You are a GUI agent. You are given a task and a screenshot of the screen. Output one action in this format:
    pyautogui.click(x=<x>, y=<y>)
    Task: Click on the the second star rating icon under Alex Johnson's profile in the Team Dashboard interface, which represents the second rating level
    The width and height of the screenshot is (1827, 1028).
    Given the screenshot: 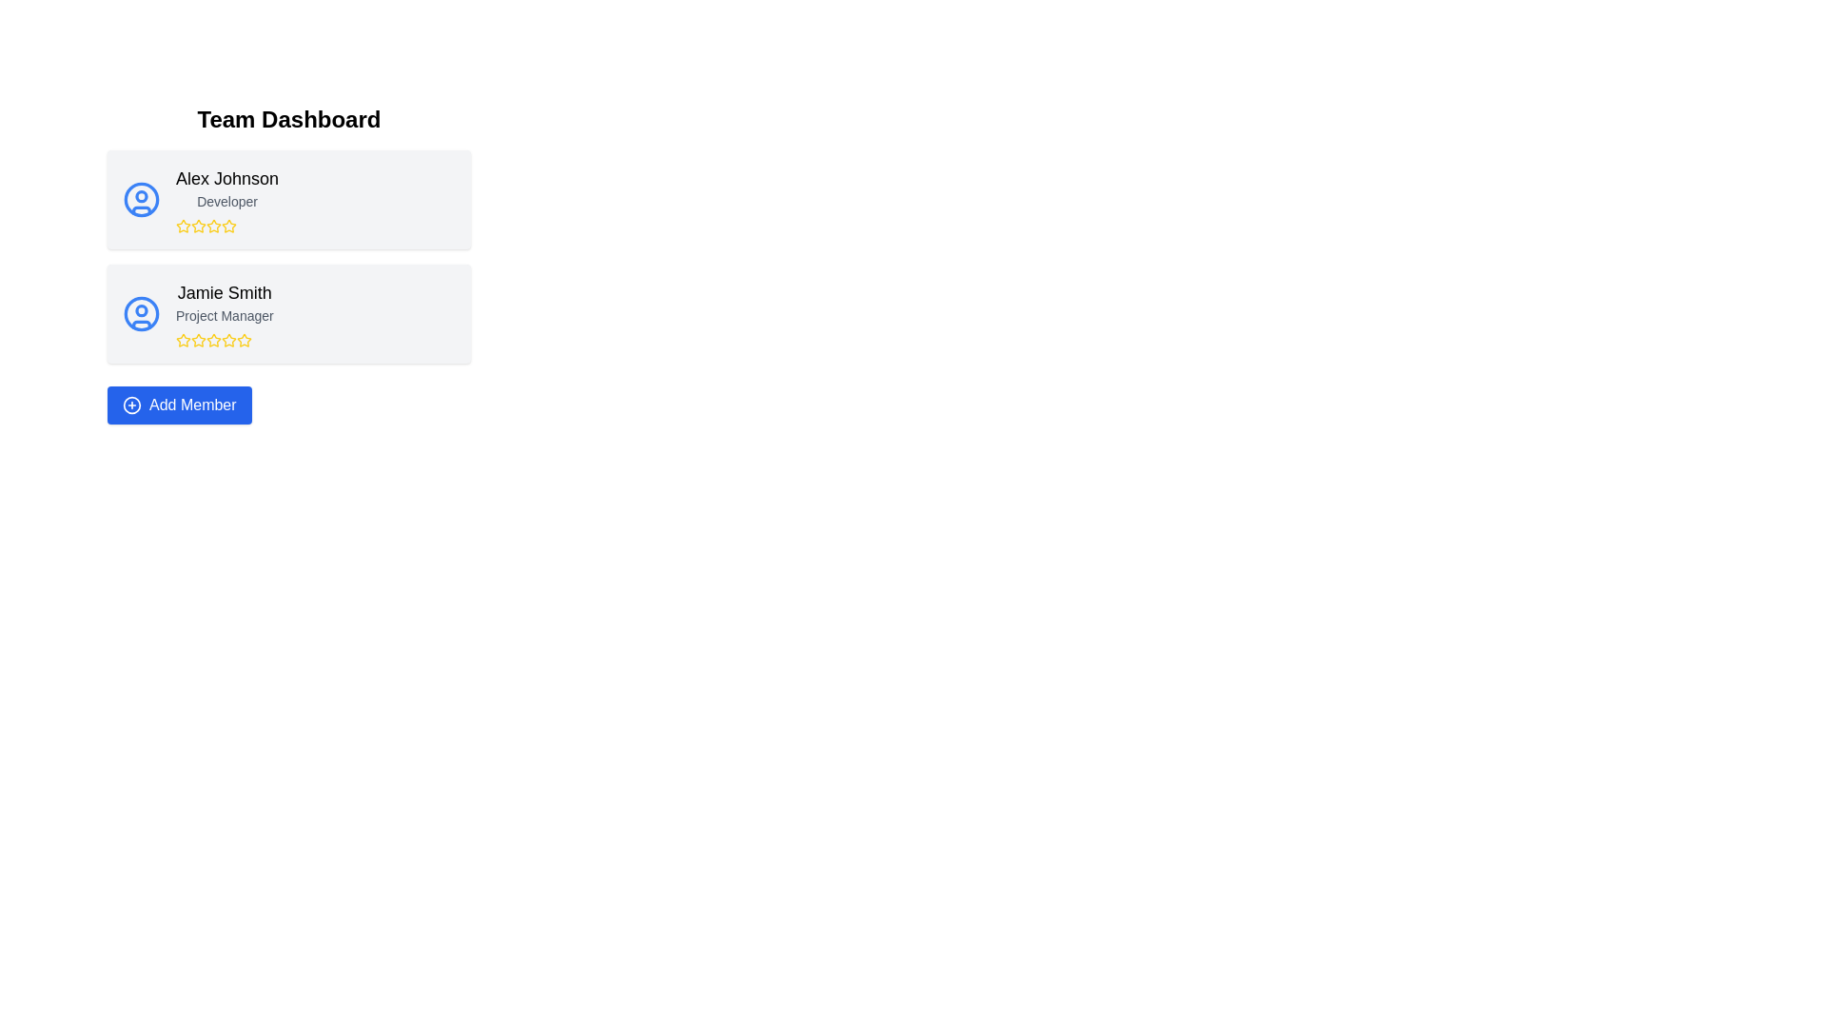 What is the action you would take?
    pyautogui.click(x=183, y=225)
    